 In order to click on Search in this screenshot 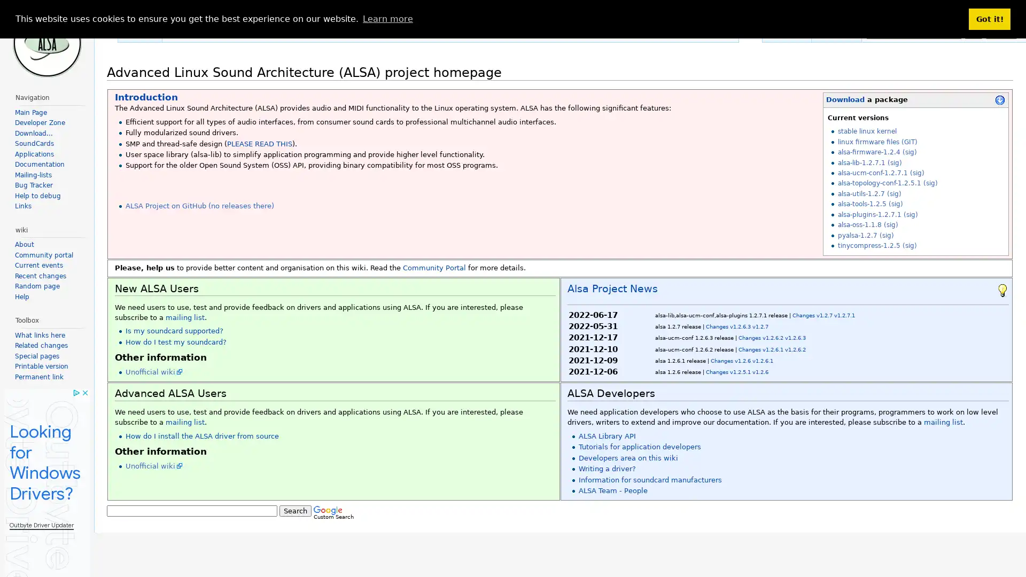, I will do `click(295, 510)`.